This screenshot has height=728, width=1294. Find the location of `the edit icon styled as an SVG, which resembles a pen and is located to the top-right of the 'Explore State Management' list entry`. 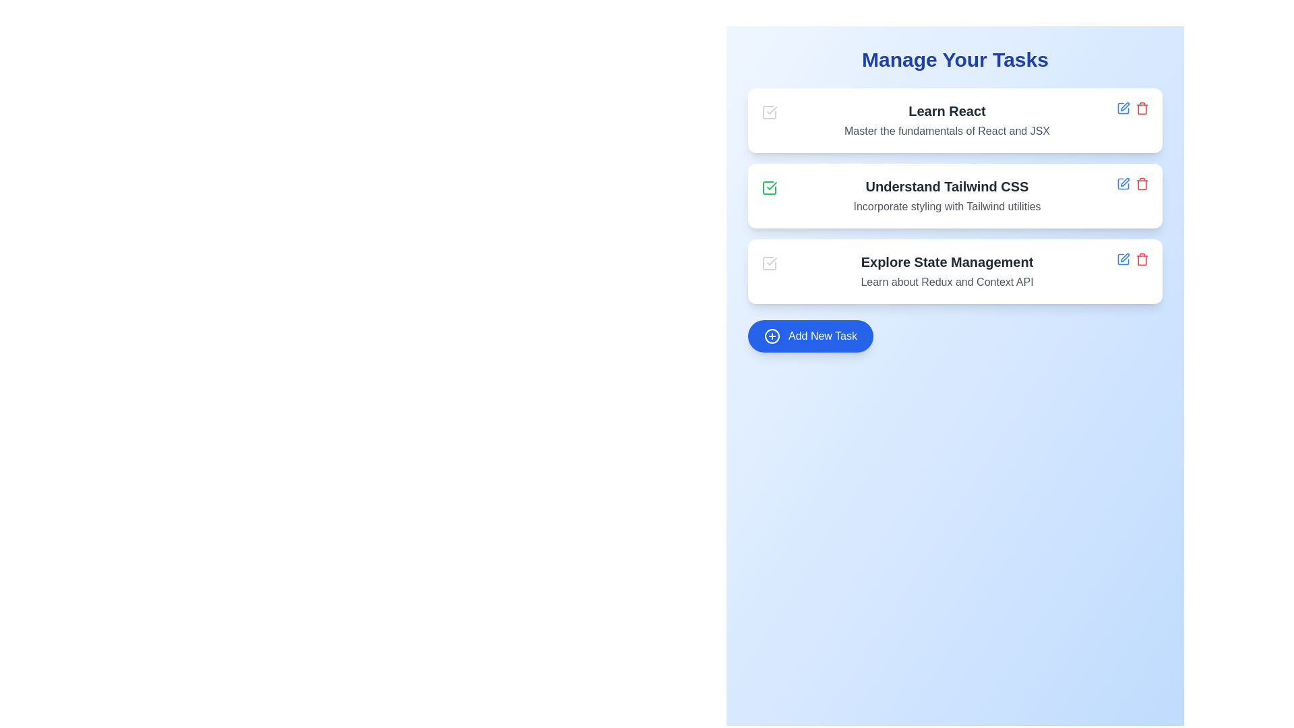

the edit icon styled as an SVG, which resembles a pen and is located to the top-right of the 'Explore State Management' list entry is located at coordinates (1125, 257).